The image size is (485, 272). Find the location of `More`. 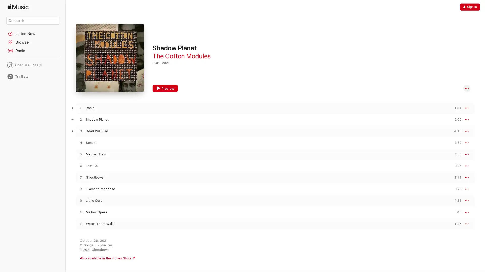

More is located at coordinates (467, 212).